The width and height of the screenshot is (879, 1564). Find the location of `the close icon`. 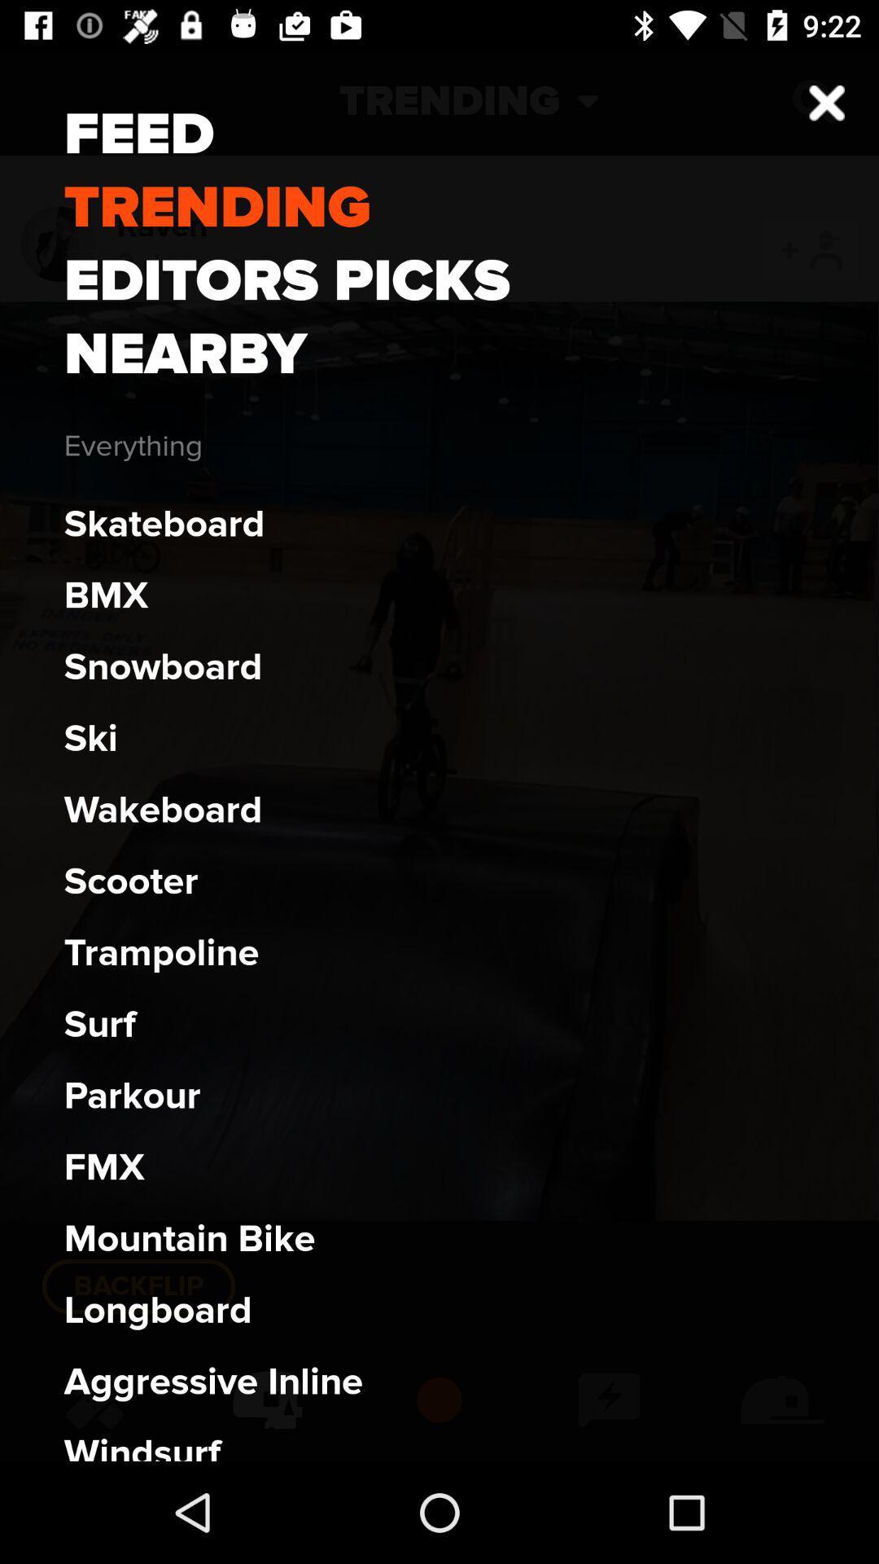

the close icon is located at coordinates (827, 102).